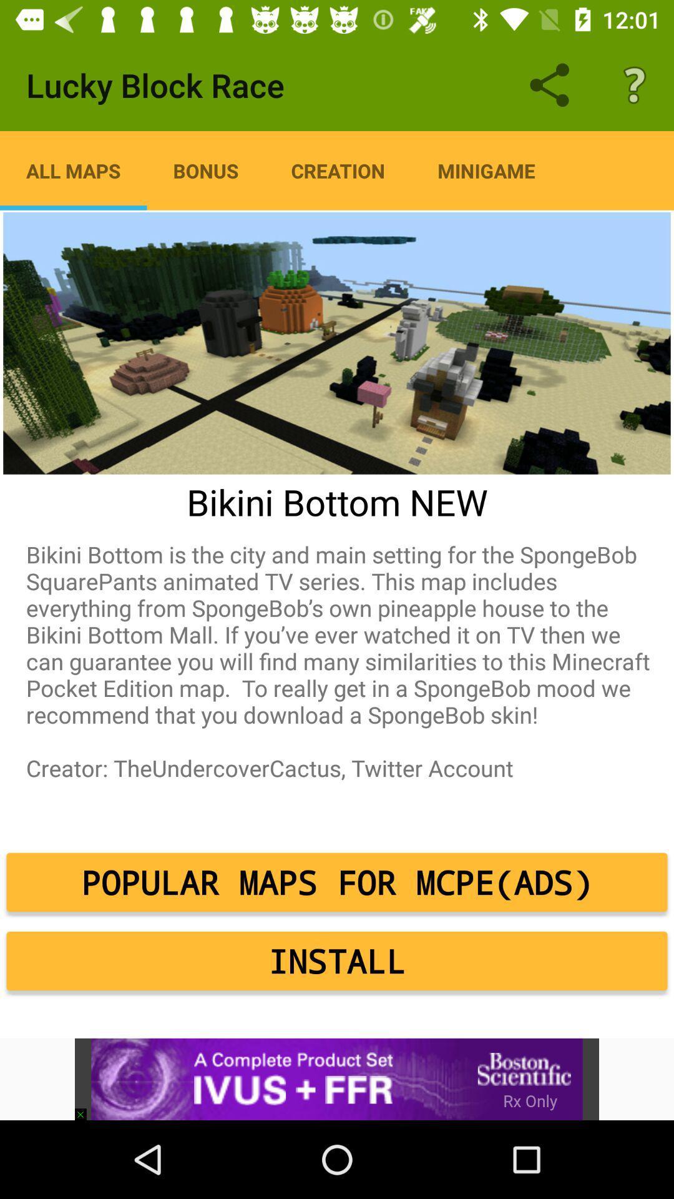 The height and width of the screenshot is (1199, 674). I want to click on item to the left of bonus icon, so click(73, 170).